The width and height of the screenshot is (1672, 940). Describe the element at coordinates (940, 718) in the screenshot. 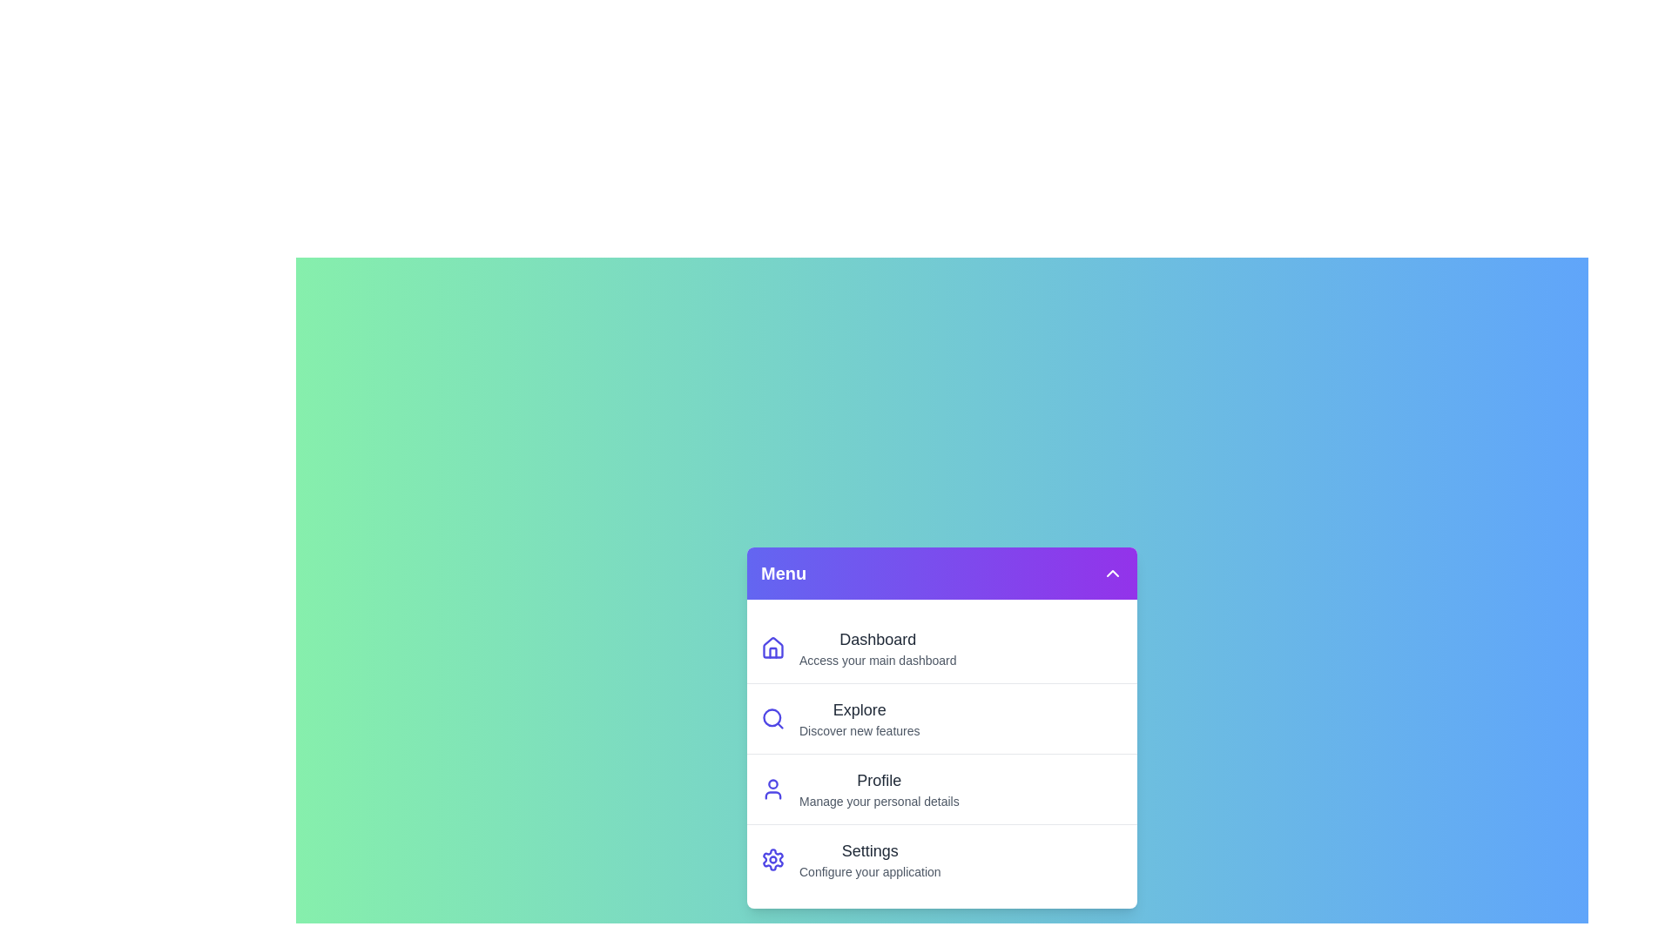

I see `the menu item Explore to view its hover effect` at that location.